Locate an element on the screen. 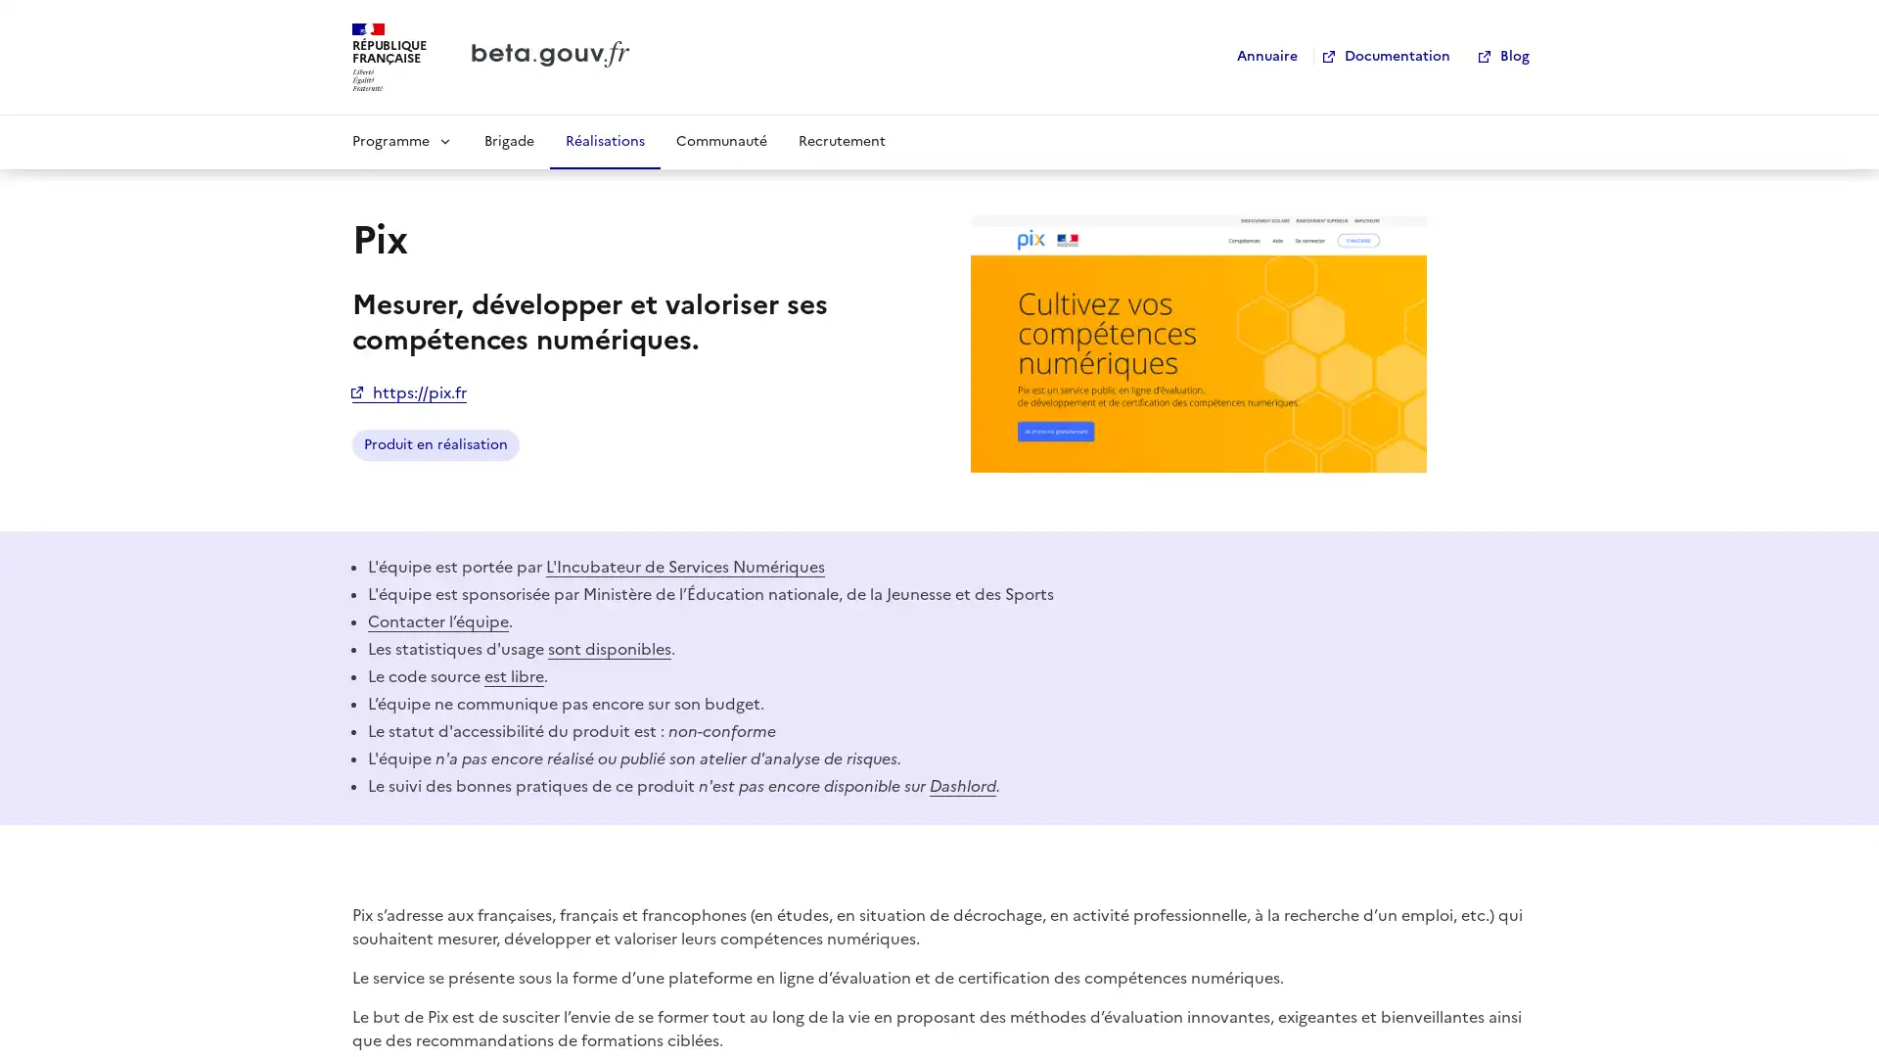 This screenshot has width=1879, height=1057. Programme is located at coordinates (401, 139).